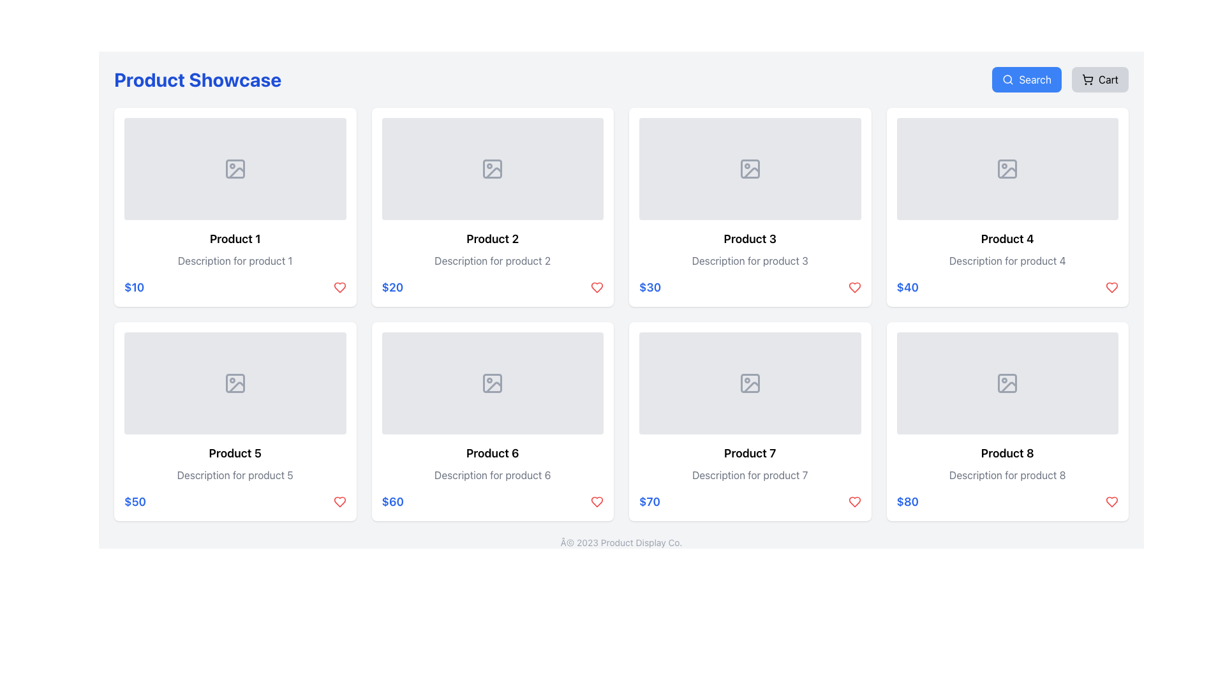 Image resolution: width=1225 pixels, height=689 pixels. I want to click on the missing image icon for 'Product 4', located in the top right part of the product's rectangular image area, so click(1008, 173).